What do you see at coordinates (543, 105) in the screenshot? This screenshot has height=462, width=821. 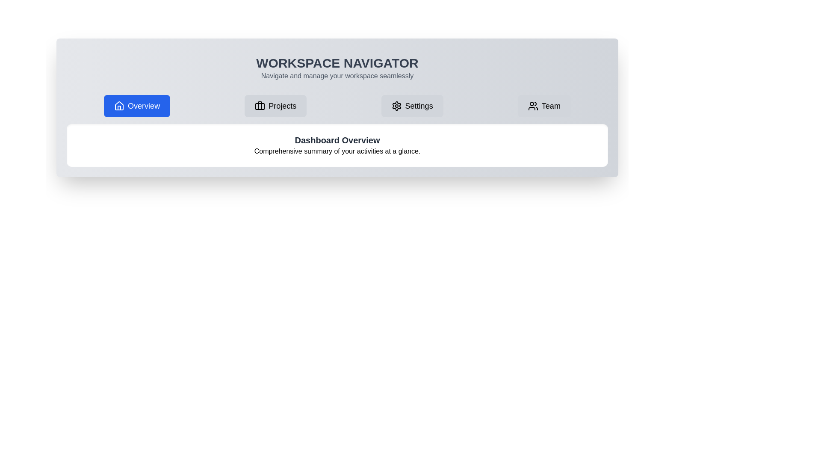 I see `the 'Team' button` at bounding box center [543, 105].